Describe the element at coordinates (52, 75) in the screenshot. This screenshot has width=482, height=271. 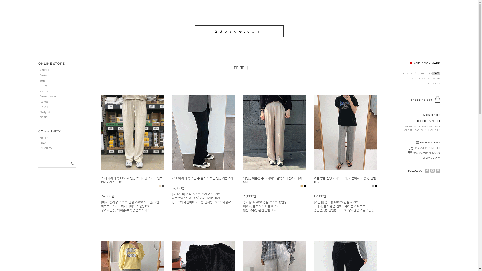
I see `'Outer'` at that location.